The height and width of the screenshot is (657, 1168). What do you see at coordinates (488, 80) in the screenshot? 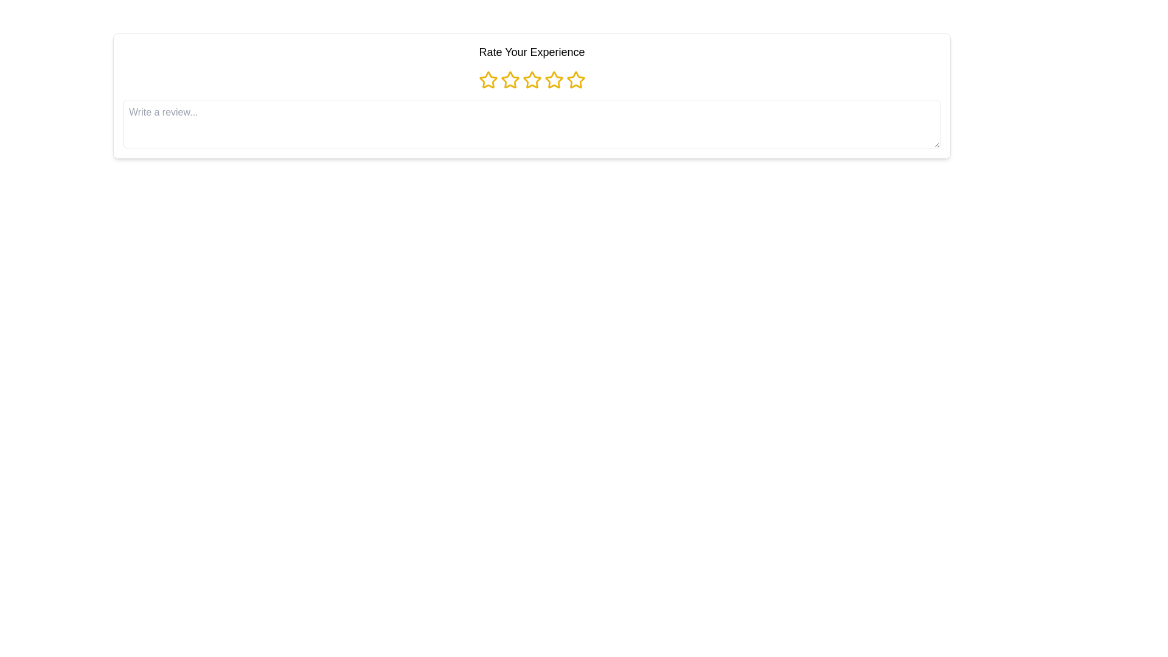
I see `the first rating star icon, which is part of a five-star rating system under the 'Rate Your Experience' label, to provide visual feedback` at bounding box center [488, 80].